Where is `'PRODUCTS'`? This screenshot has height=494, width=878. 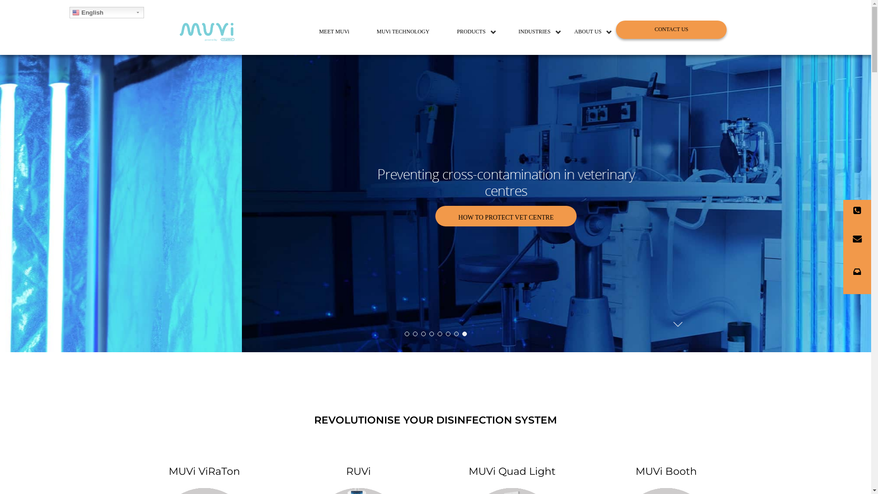 'PRODUCTS' is located at coordinates (467, 31).